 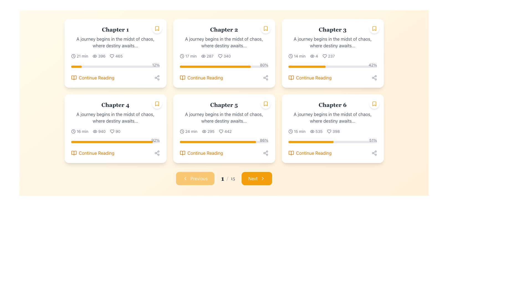 What do you see at coordinates (224, 105) in the screenshot?
I see `the header element representing 'Chapter 5'` at bounding box center [224, 105].